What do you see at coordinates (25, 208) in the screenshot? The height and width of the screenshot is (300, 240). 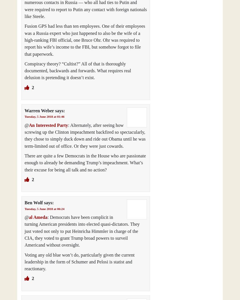 I see `'Tuesday, 5 June 2018 at 06:24'` at bounding box center [25, 208].